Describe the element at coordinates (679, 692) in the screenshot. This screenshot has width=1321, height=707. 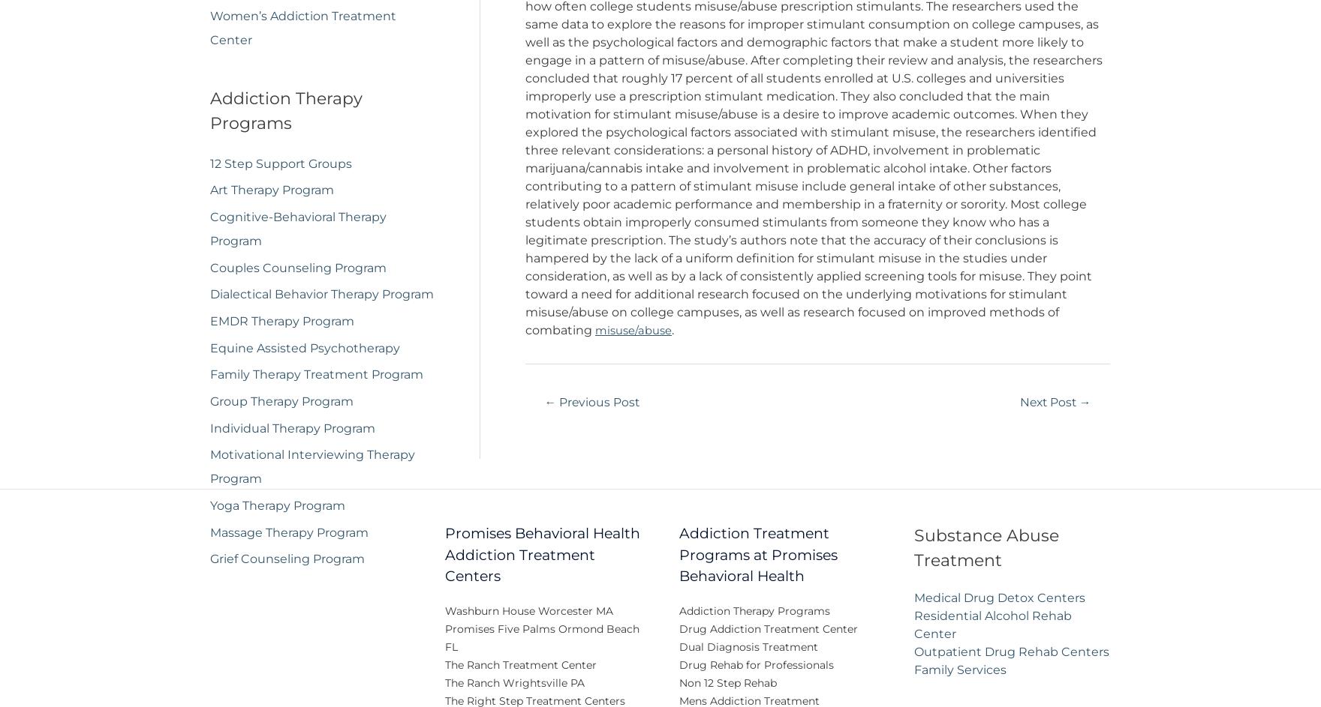
I see `'Non 12 Step Rehab'` at that location.